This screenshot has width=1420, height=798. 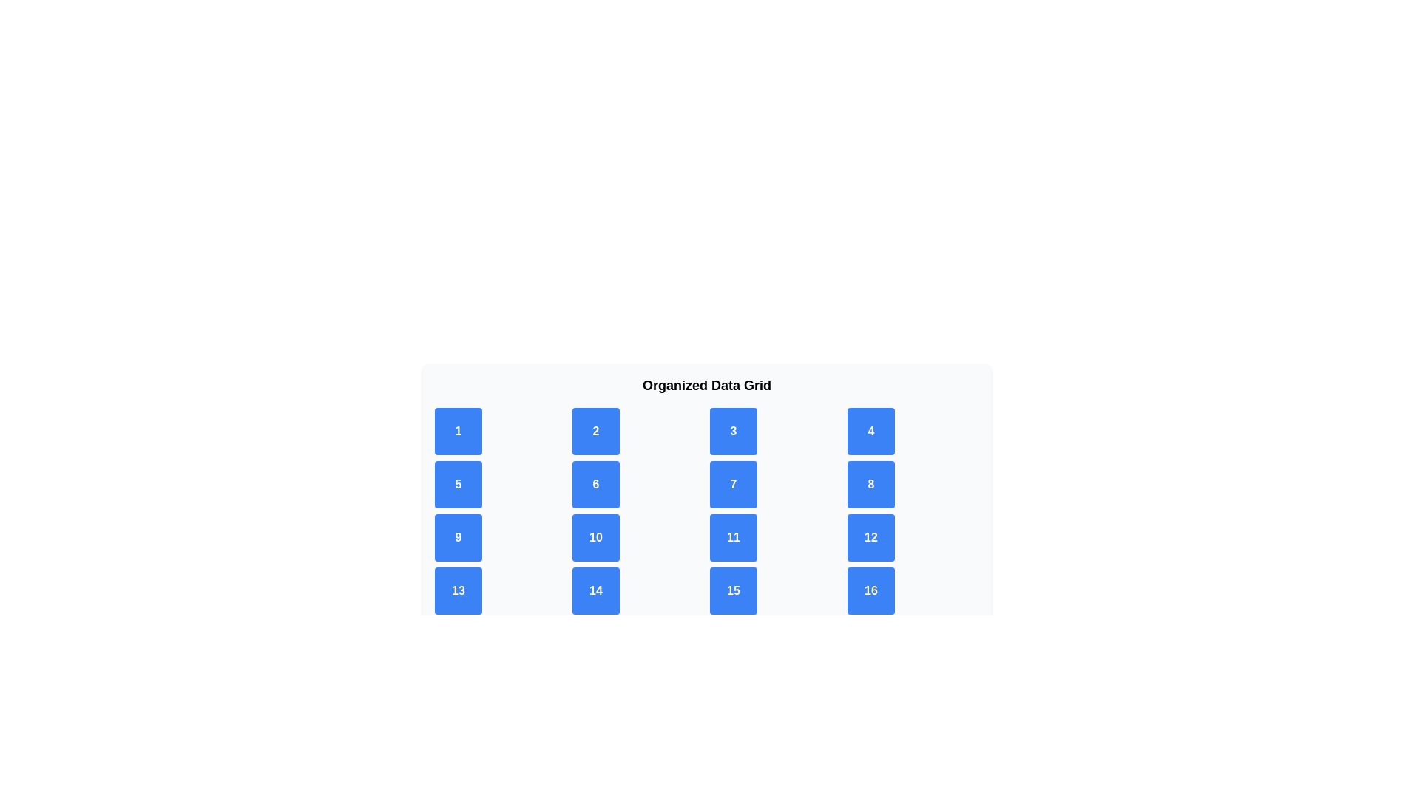 I want to click on the button located in the fourth row and first column of the 4x4 grid layout, positioned below the elements labeled '1', '5', and '9', so click(x=457, y=590).